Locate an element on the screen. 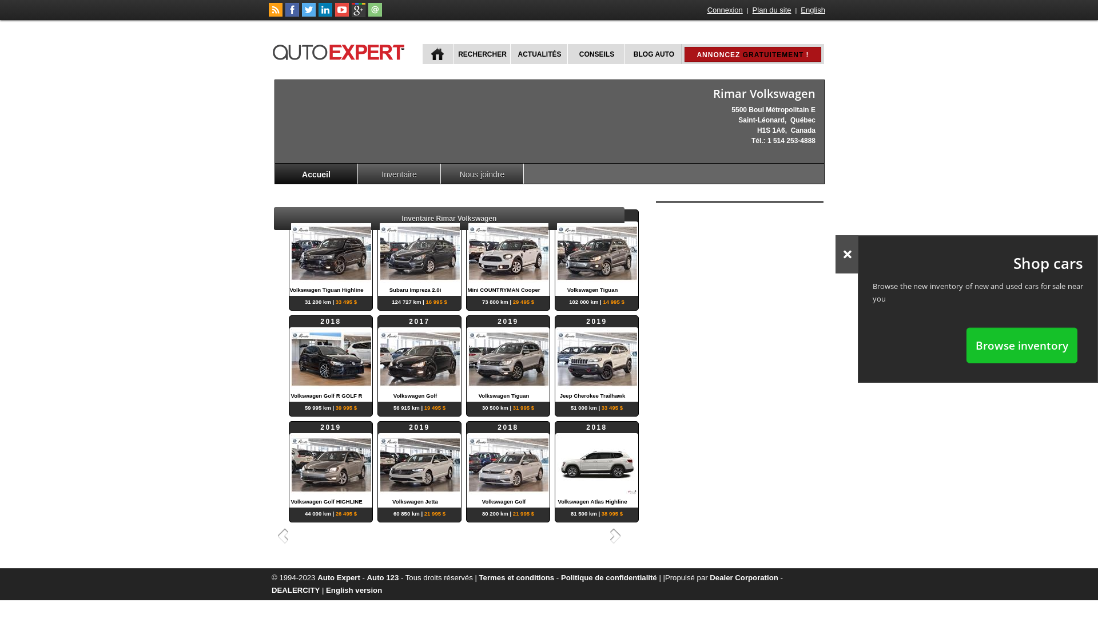 This screenshot has height=618, width=1098. 'Suivez autoExpert.ca sur Youtube' is located at coordinates (341, 14).